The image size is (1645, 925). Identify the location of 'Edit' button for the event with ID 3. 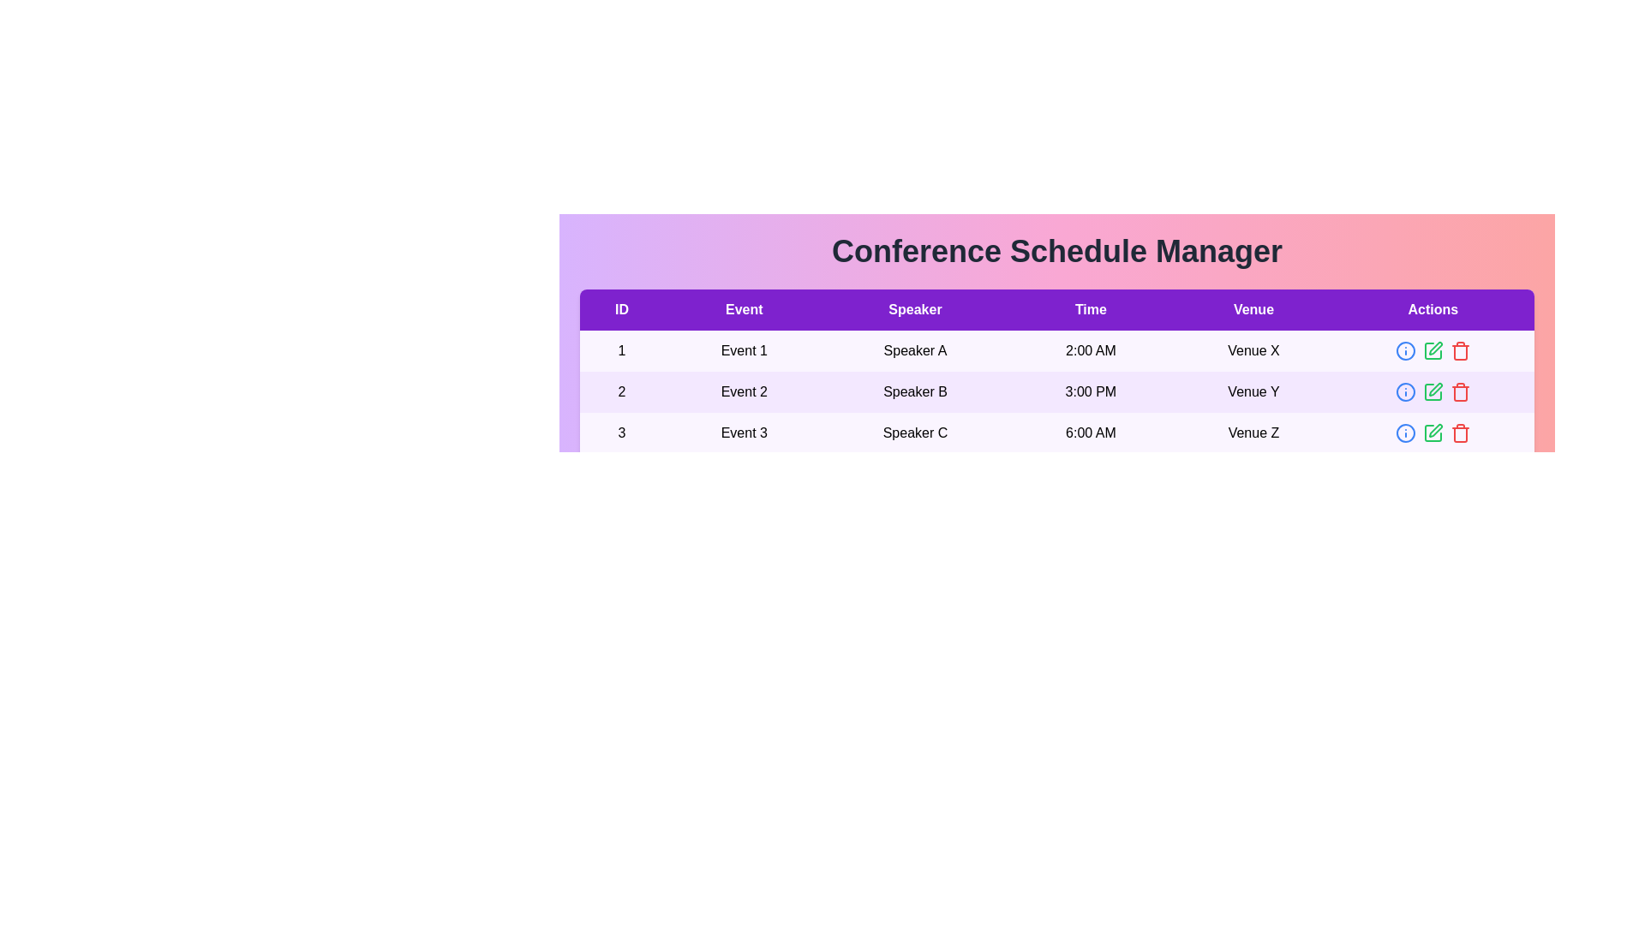
(1433, 432).